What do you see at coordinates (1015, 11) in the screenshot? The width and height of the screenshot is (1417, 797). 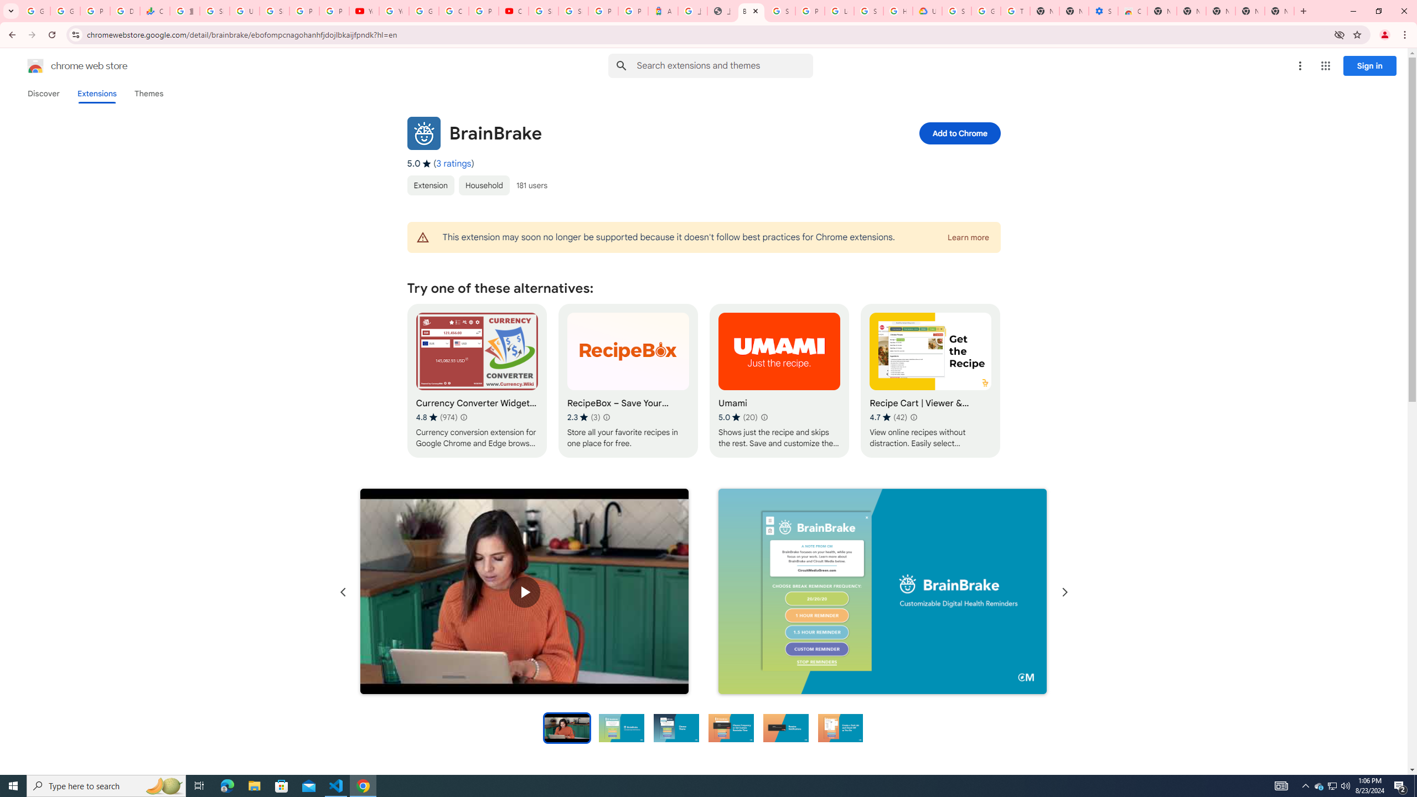 I see `'Turn cookies on or off - Computer - Google Account Help'` at bounding box center [1015, 11].